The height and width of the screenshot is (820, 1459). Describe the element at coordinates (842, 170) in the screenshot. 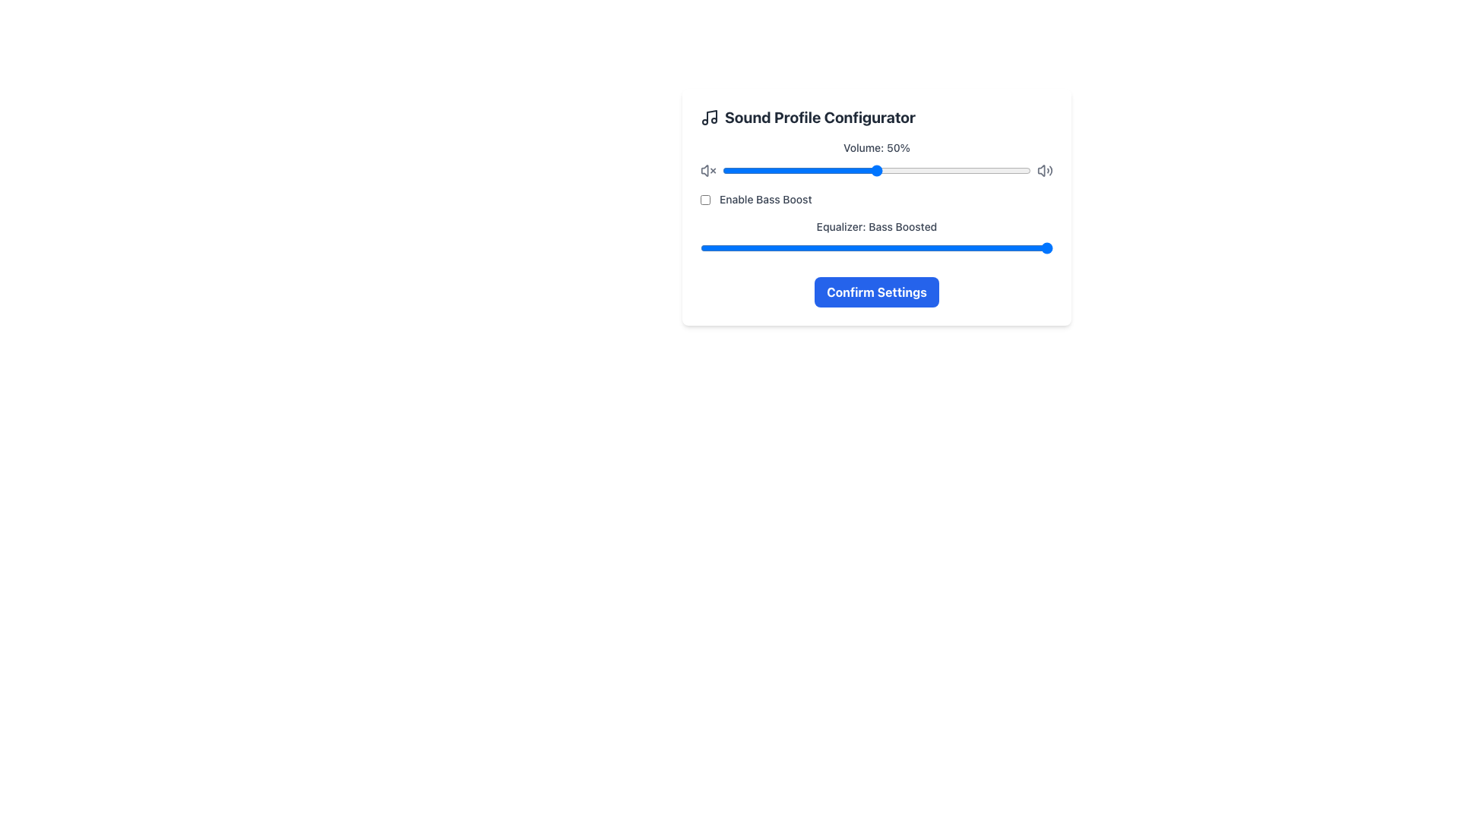

I see `volume` at that location.